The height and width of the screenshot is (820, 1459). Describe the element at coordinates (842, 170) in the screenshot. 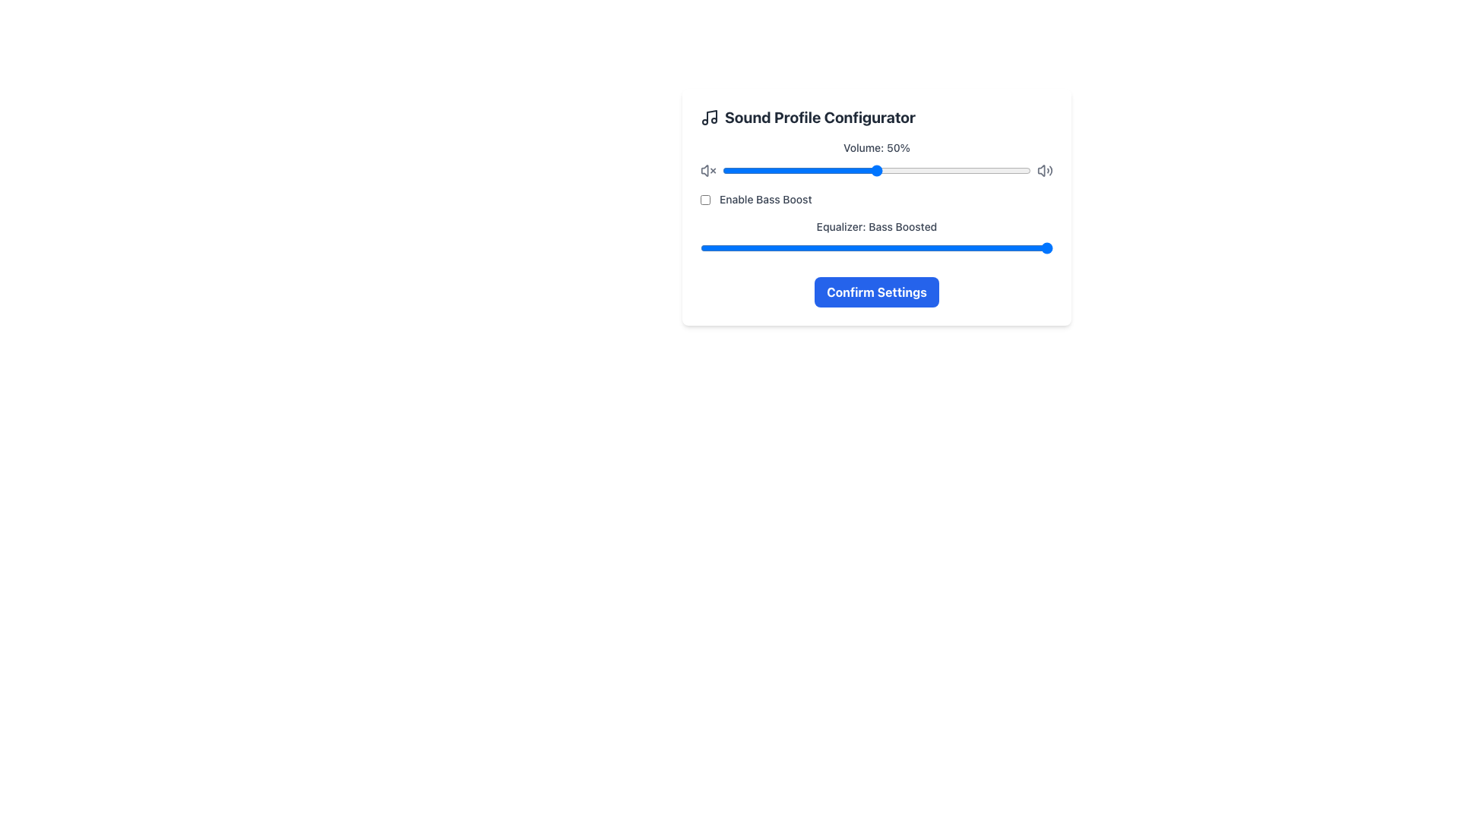

I see `volume` at that location.